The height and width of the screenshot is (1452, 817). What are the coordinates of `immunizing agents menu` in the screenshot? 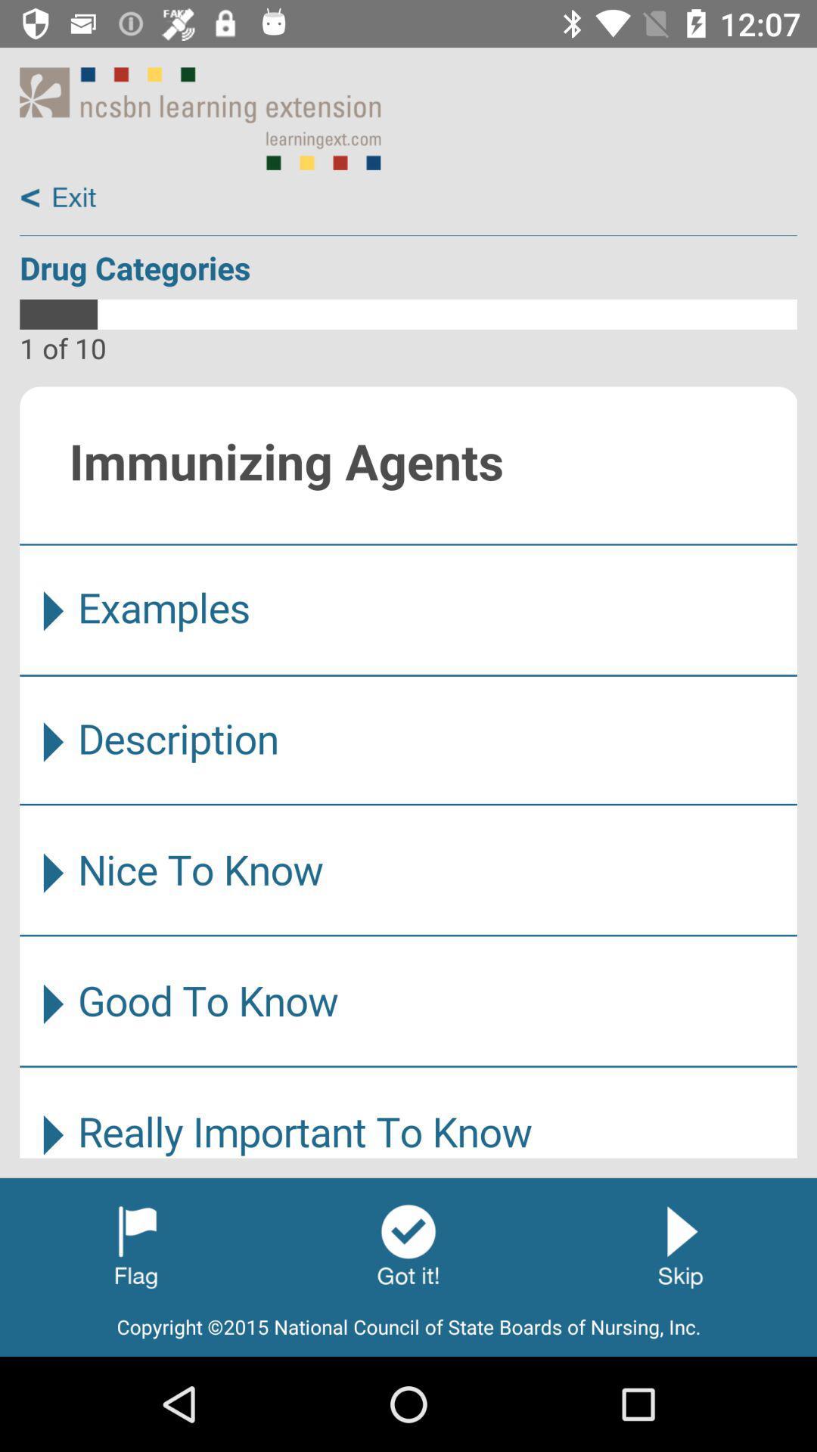 It's located at (408, 772).